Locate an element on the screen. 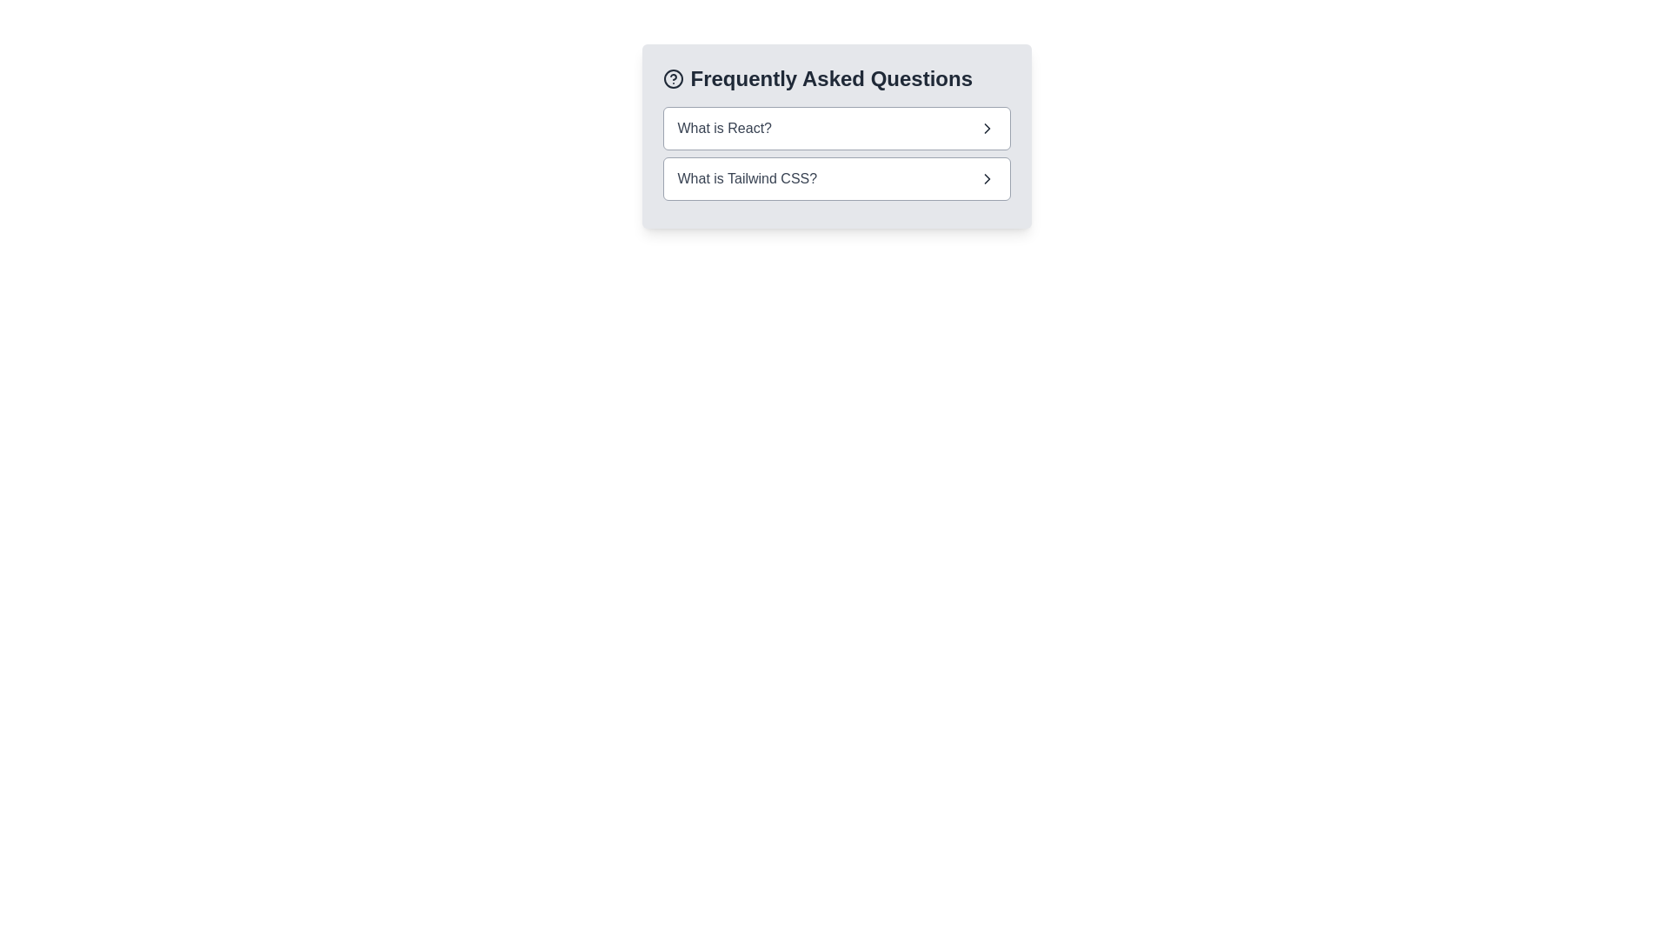  the question header text labeled 'What is Tailwind CSS?' in the FAQ section is located at coordinates (747, 178).